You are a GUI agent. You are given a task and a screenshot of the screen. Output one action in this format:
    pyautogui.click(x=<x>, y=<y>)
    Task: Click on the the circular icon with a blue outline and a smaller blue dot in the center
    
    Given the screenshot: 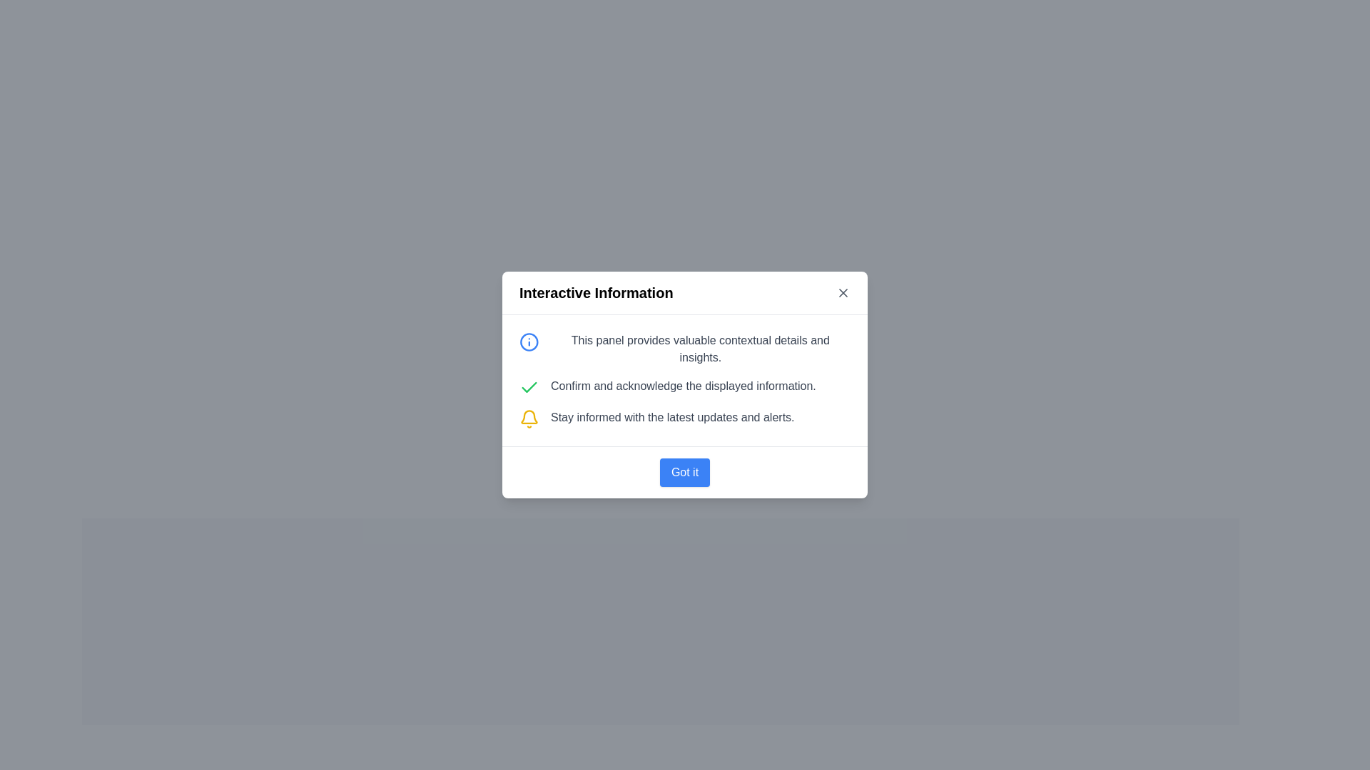 What is the action you would take?
    pyautogui.click(x=528, y=342)
    